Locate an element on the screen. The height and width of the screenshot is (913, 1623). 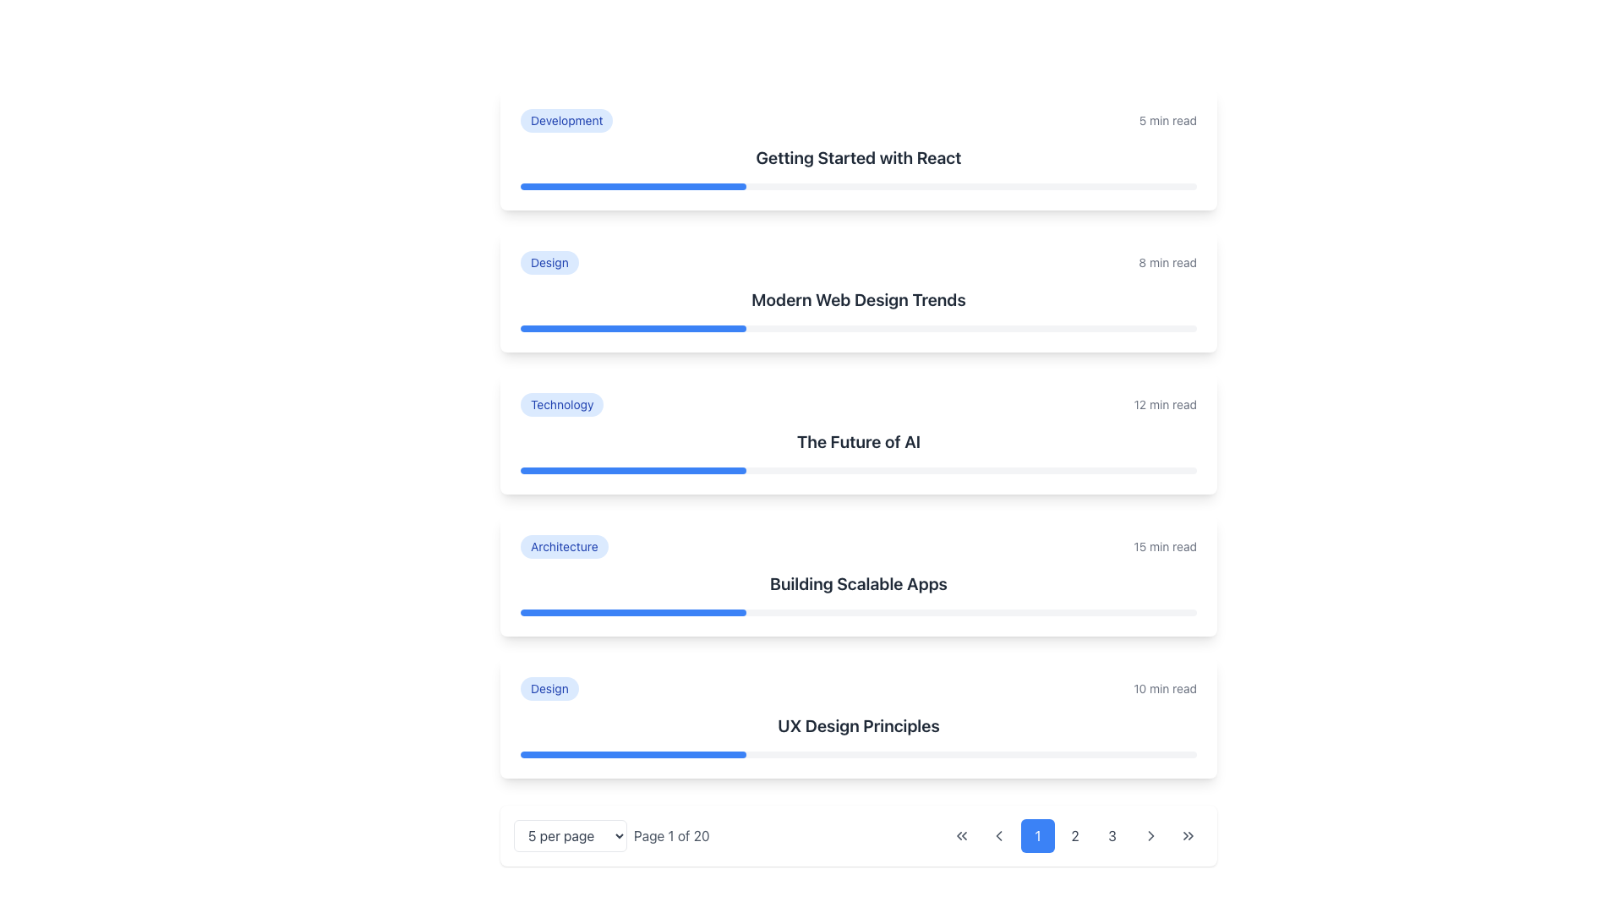
the square button with rounded corners, blue background, and white text displaying '1' is located at coordinates (1037, 834).